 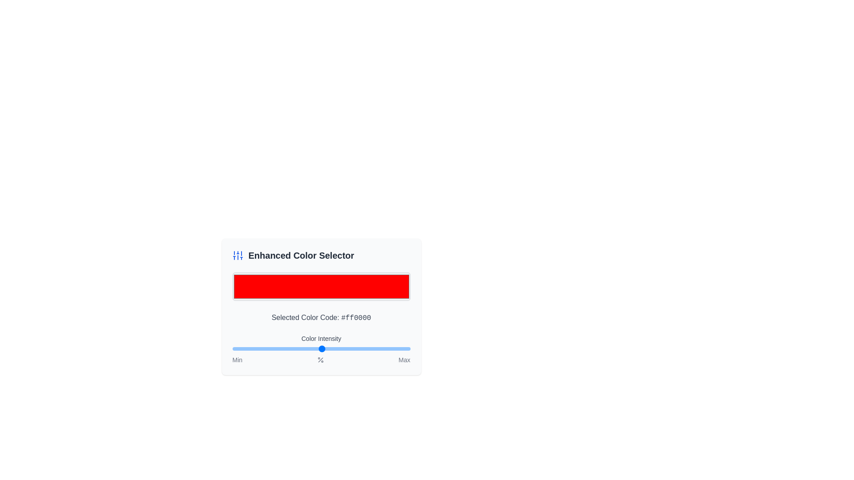 I want to click on the static text label displaying the color code '#ff0000', which is part of the string 'Selected Color Code: #ff0000' located in the center of the interface, so click(x=356, y=318).